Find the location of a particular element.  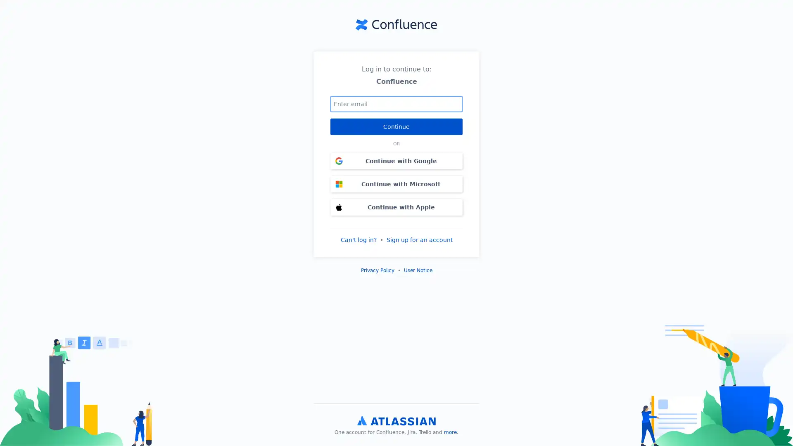

Continue with Microsoft is located at coordinates (396, 183).